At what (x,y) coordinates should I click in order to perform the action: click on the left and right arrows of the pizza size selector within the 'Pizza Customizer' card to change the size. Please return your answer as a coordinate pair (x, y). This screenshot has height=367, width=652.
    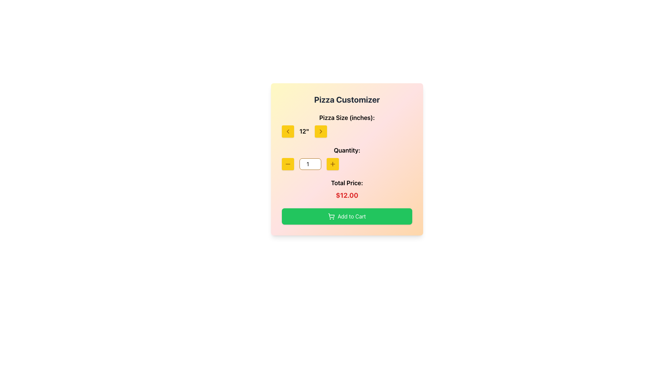
    Looking at the image, I should click on (347, 125).